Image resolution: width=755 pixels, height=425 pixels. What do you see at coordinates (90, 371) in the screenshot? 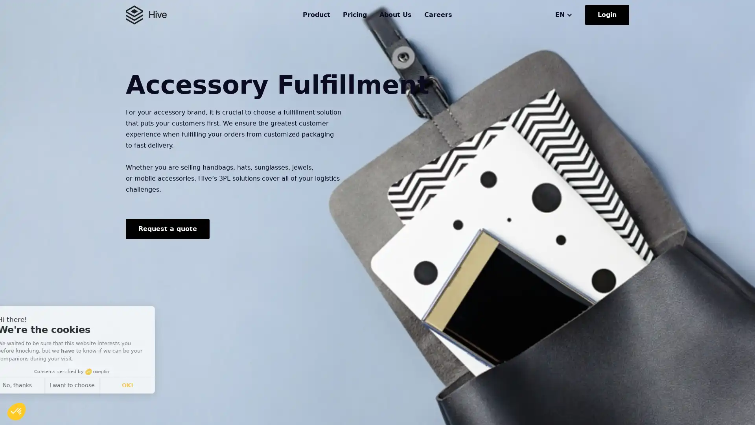
I see `Consents certified by` at bounding box center [90, 371].